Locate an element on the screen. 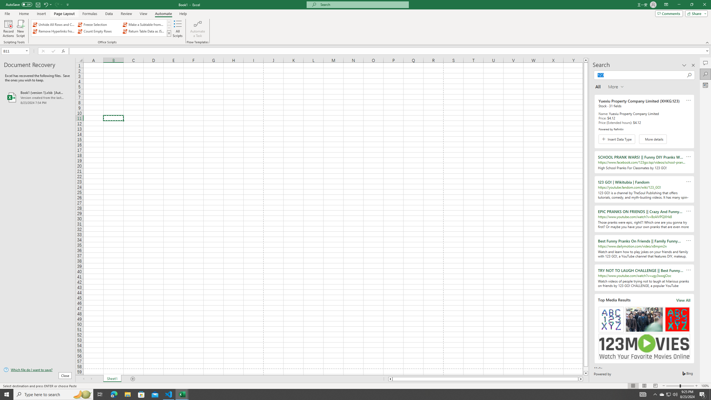 The width and height of the screenshot is (711, 400). 'Remove Hyperlinks from Sheet' is located at coordinates (54, 31).